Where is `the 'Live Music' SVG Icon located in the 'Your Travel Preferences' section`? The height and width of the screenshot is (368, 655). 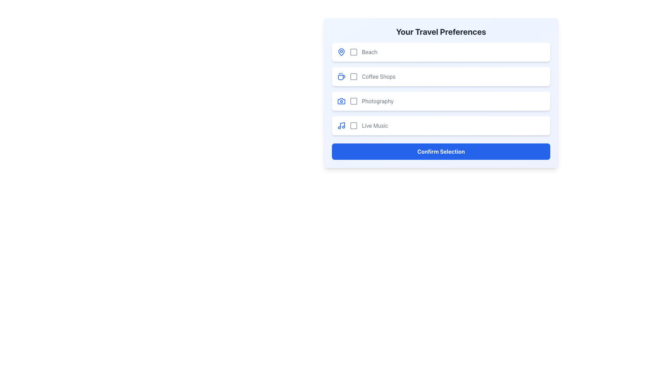 the 'Live Music' SVG Icon located in the 'Your Travel Preferences' section is located at coordinates (342, 125).